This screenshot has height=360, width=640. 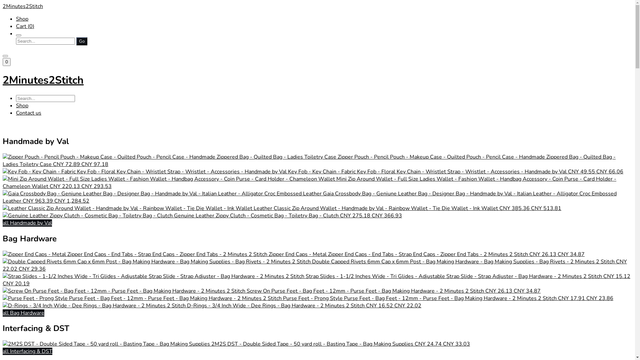 I want to click on 'all Interfacing & DST', so click(x=3, y=351).